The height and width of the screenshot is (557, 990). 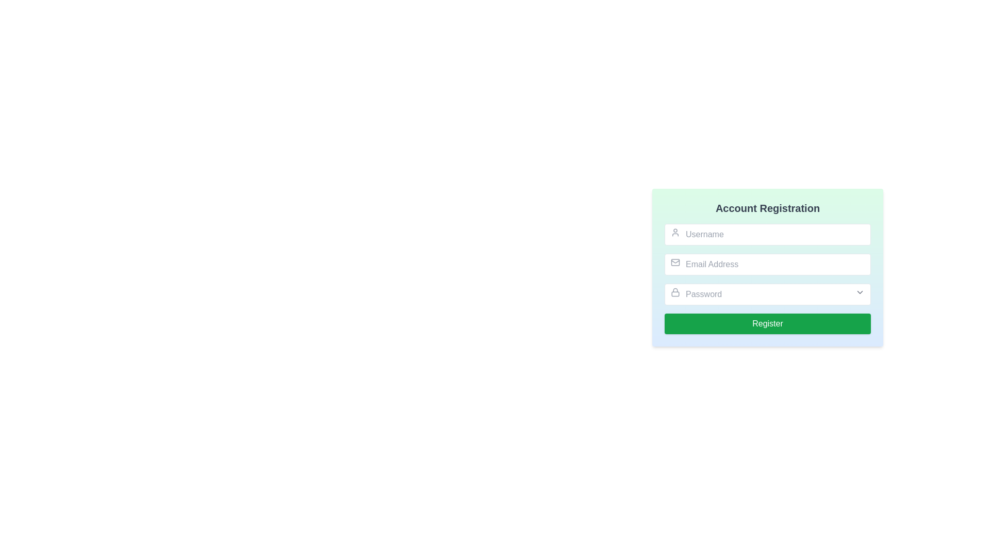 What do you see at coordinates (675, 262) in the screenshot?
I see `the email input icon, which serves as a visual aid for the adjoining email entry field` at bounding box center [675, 262].